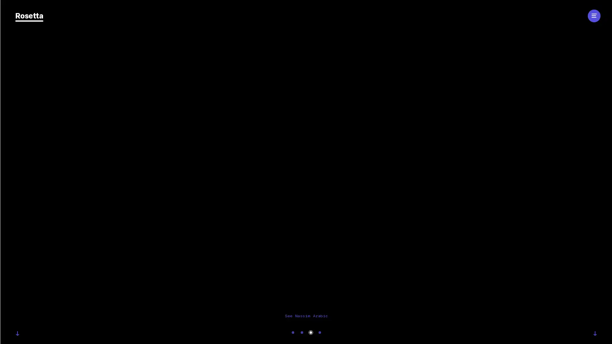 The width and height of the screenshot is (612, 344). I want to click on Carousel Page 1, so click(292, 332).